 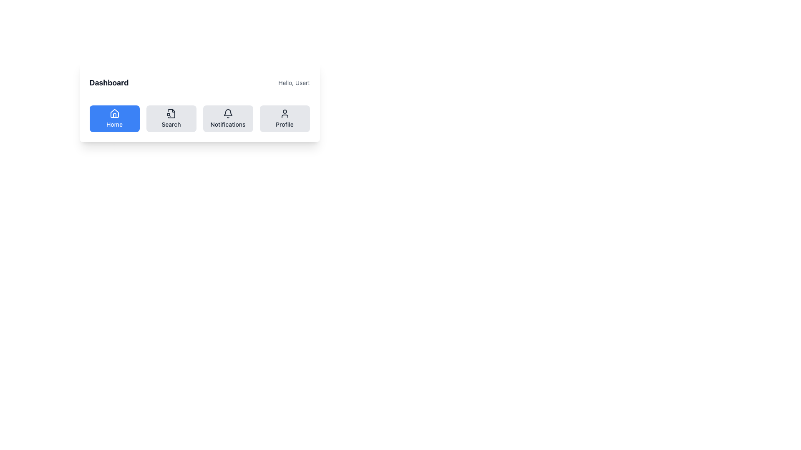 What do you see at coordinates (228, 114) in the screenshot?
I see `the modern outline bell icon located within the 'Notifications' button in the navigation bar` at bounding box center [228, 114].